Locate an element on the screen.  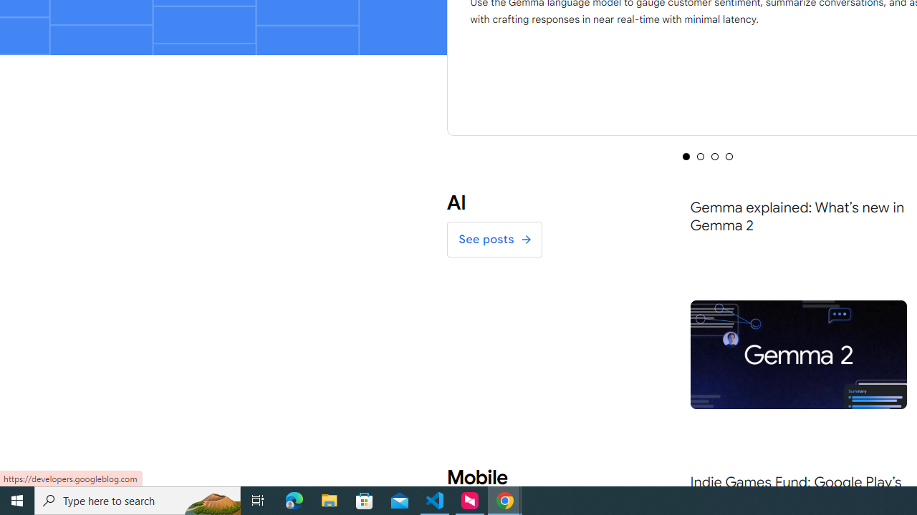
'Gemma-2-Feature' is located at coordinates (797, 354).